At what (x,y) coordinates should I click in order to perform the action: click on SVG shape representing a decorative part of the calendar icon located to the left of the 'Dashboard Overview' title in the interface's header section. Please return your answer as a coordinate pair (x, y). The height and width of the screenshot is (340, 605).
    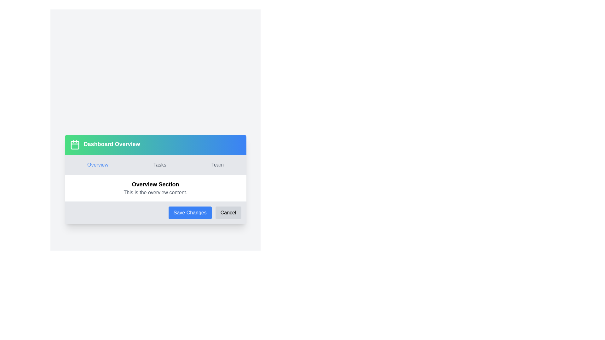
    Looking at the image, I should click on (75, 145).